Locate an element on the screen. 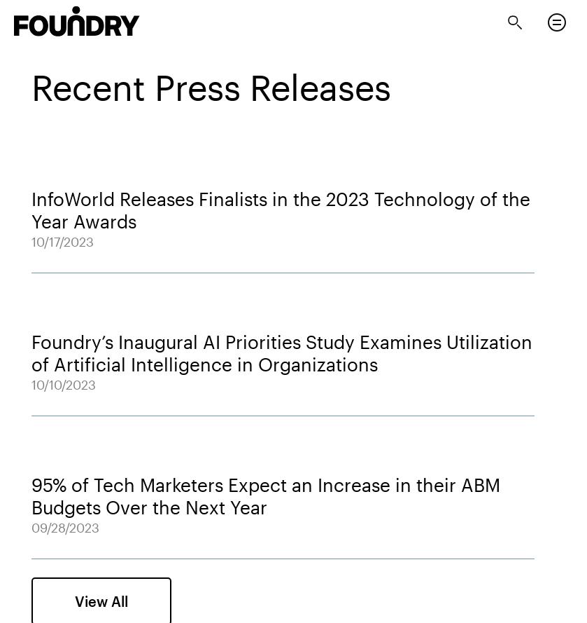 This screenshot has height=623, width=587. 'Foundry’s Inaugural AI Priorities Study Examines Utilization of Artificial Intelligence in Organizations' is located at coordinates (31, 351).